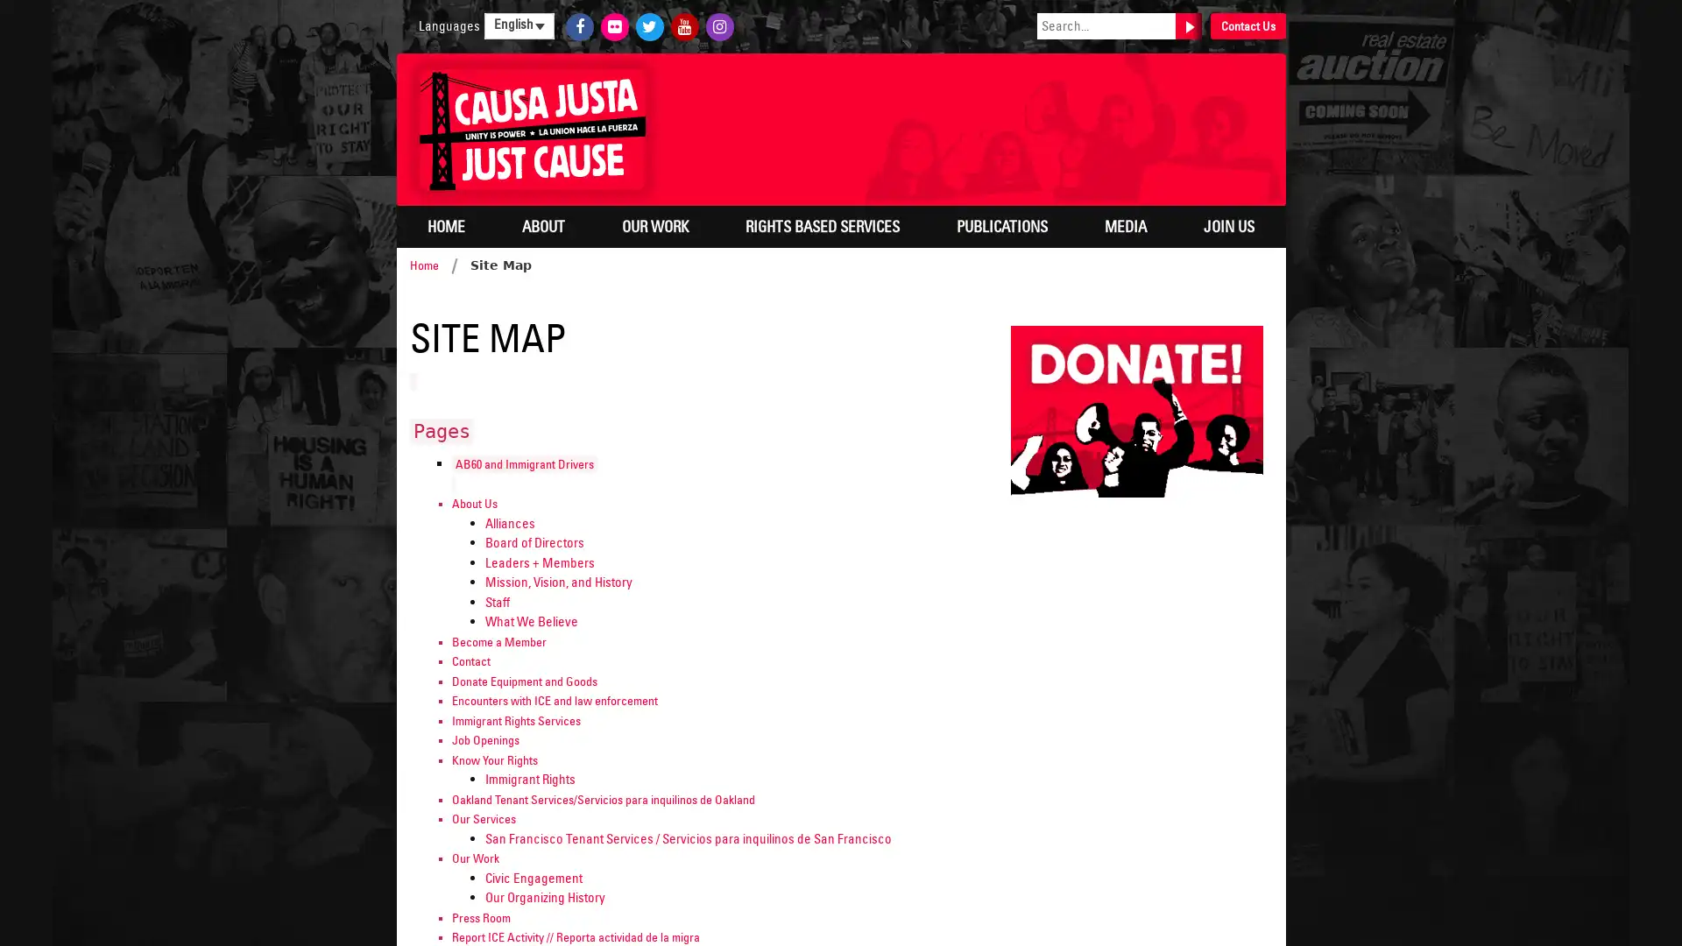 This screenshot has height=946, width=1682. What do you see at coordinates (1247, 26) in the screenshot?
I see `Contact Us` at bounding box center [1247, 26].